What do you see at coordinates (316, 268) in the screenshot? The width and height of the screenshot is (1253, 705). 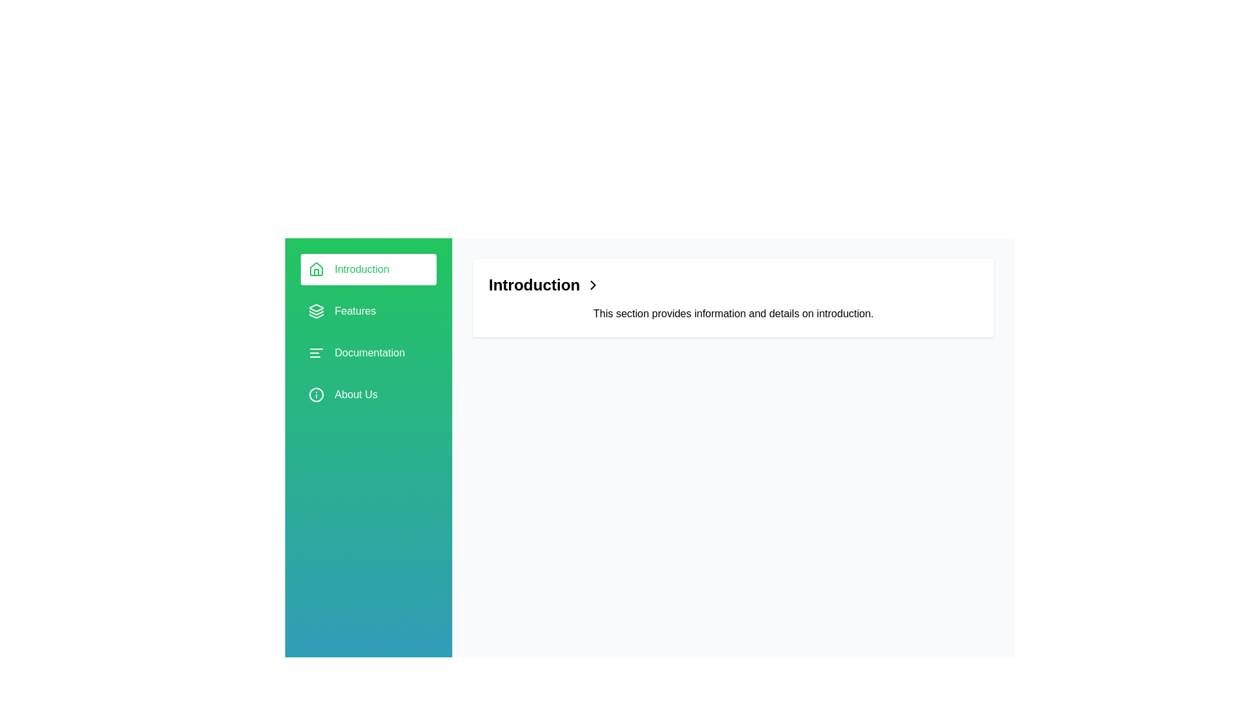 I see `the house-shaped icon in the navigation menu adjacent to the 'Introduction' label` at bounding box center [316, 268].